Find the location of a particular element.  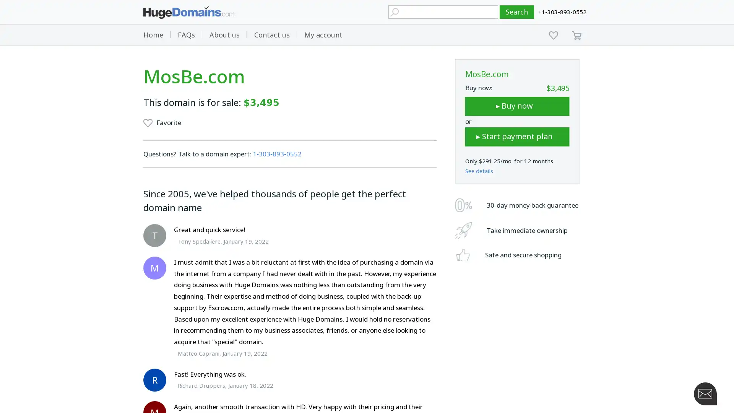

Search is located at coordinates (517, 12).